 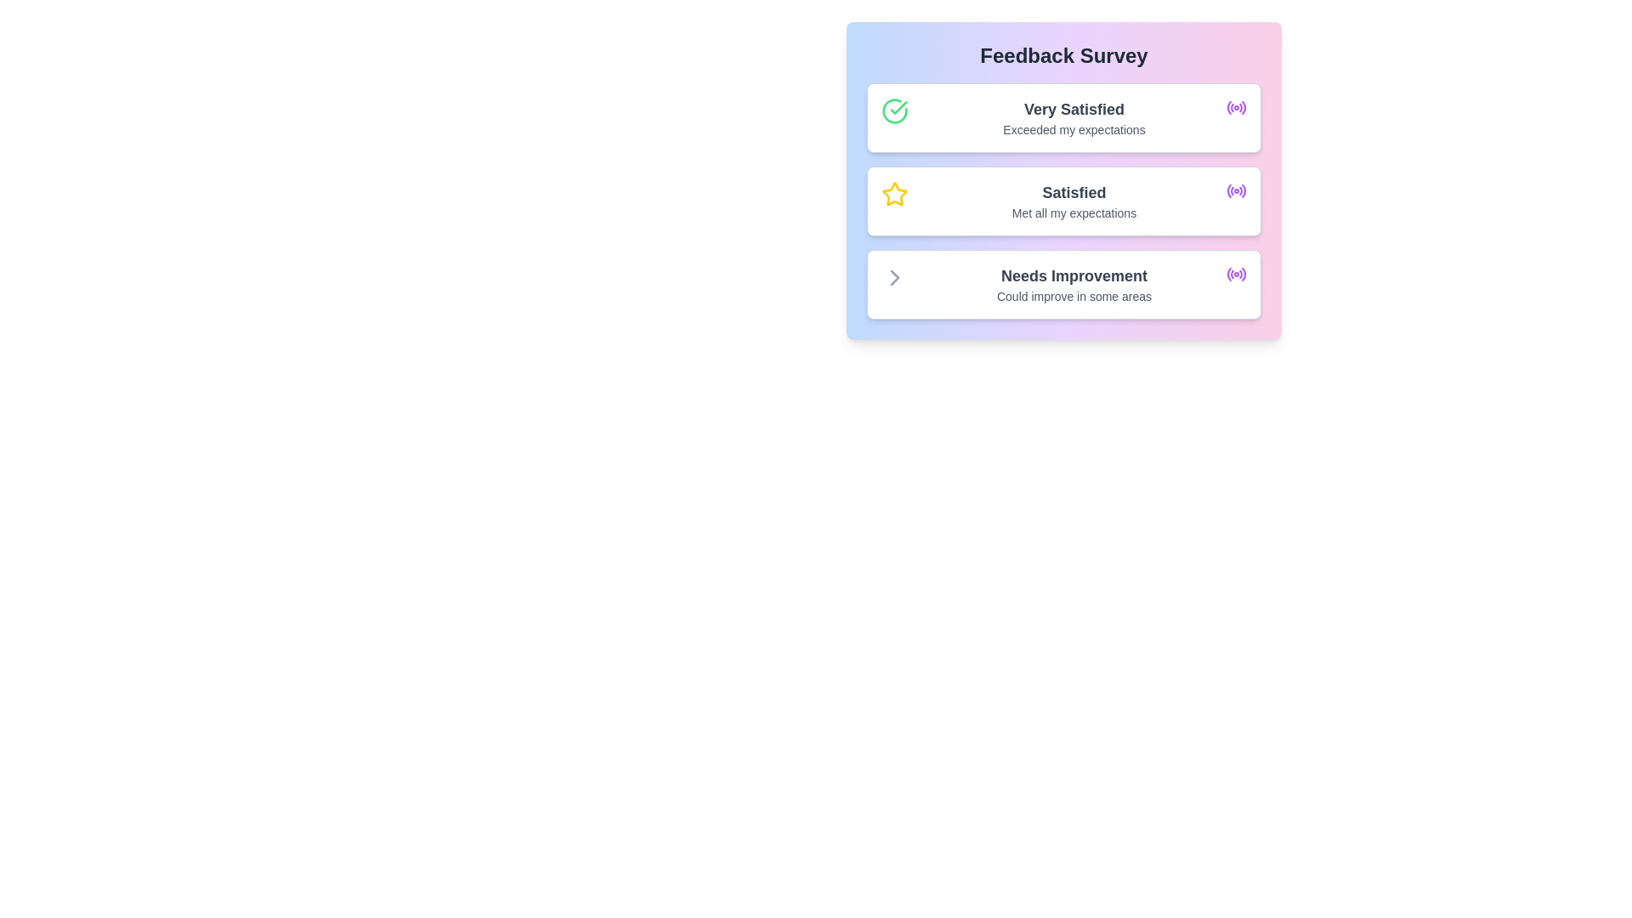 I want to click on the text block that displays the feedback option at the bottom of the vertically stacked list in the feedback survey module, so click(x=1073, y=284).